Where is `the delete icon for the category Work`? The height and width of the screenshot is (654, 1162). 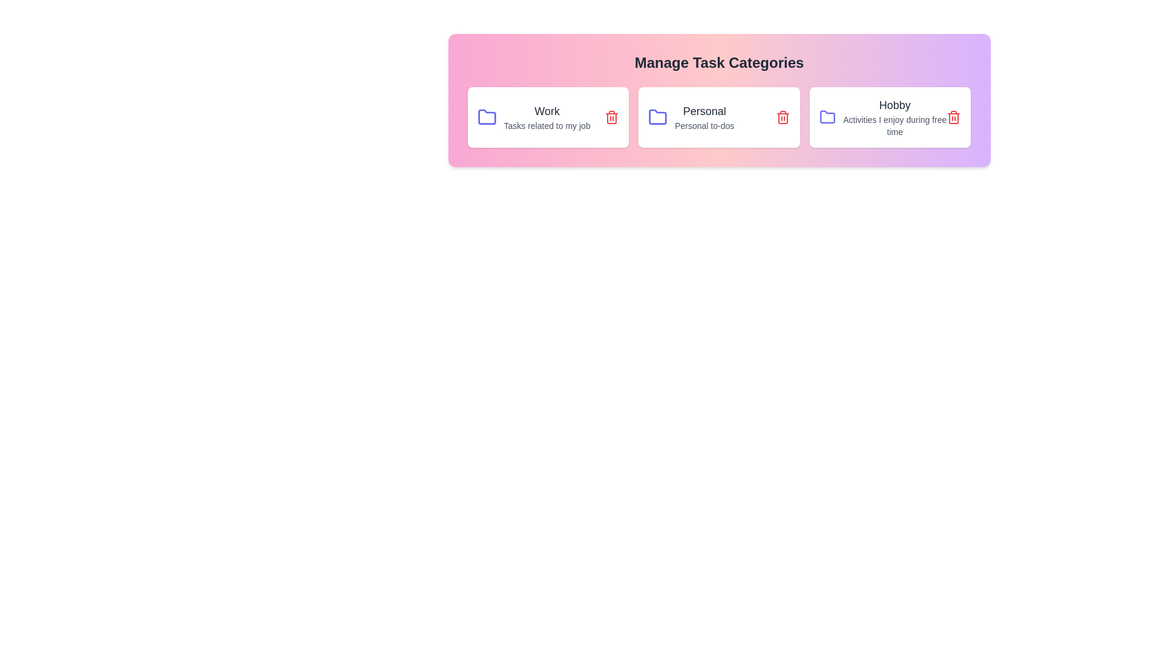 the delete icon for the category Work is located at coordinates (612, 117).